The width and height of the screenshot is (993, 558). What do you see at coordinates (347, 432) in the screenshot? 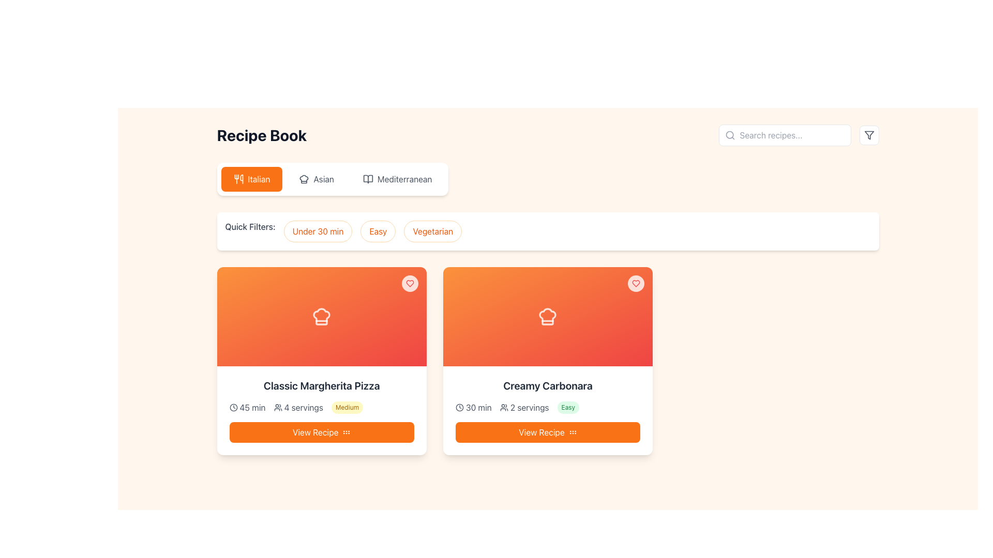
I see `the Grip handle icon located at the far right of the orange 'View Recipe' button beneath the 'Creamy Carbonara' card` at bounding box center [347, 432].